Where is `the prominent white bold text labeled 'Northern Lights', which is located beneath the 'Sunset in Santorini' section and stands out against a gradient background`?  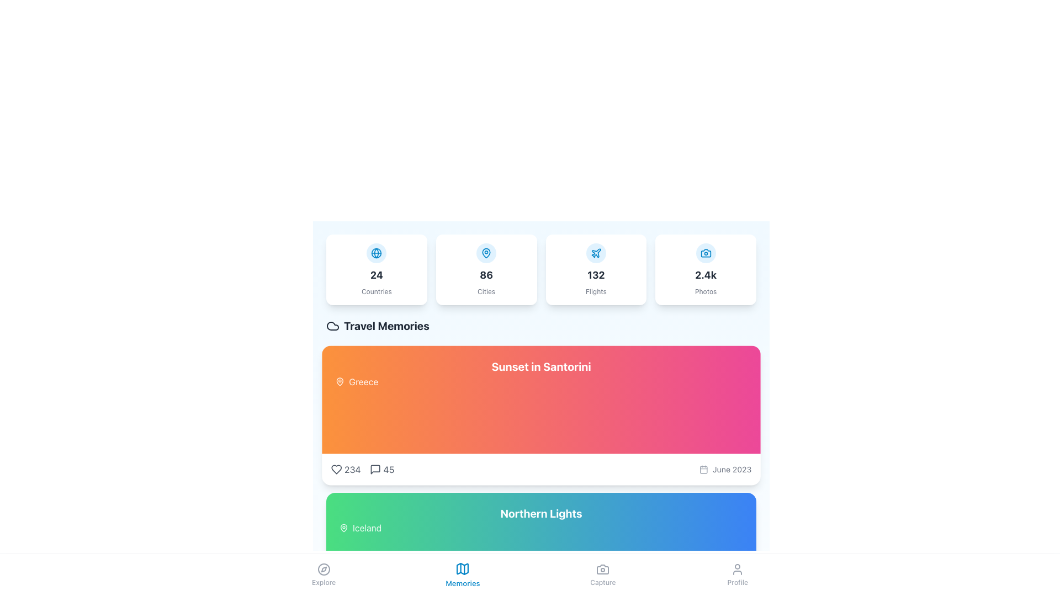
the prominent white bold text labeled 'Northern Lights', which is located beneath the 'Sunset in Santorini' section and stands out against a gradient background is located at coordinates (541, 513).